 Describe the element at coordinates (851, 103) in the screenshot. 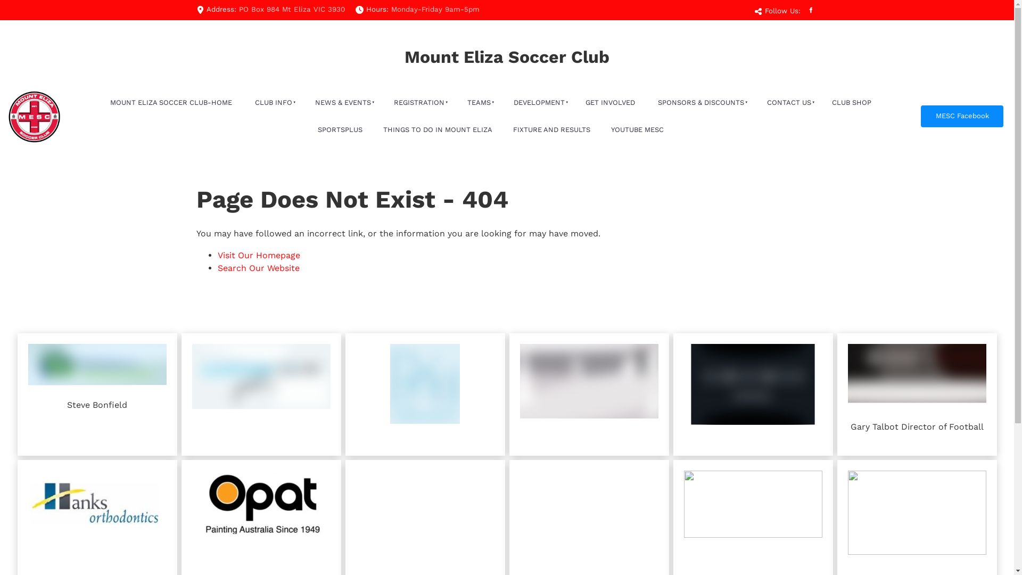

I see `'CLUB SHOP'` at that location.